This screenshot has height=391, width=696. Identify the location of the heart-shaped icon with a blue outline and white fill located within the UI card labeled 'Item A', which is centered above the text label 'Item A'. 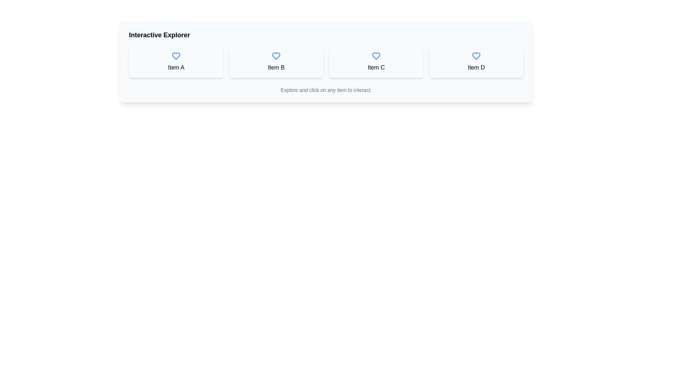
(176, 55).